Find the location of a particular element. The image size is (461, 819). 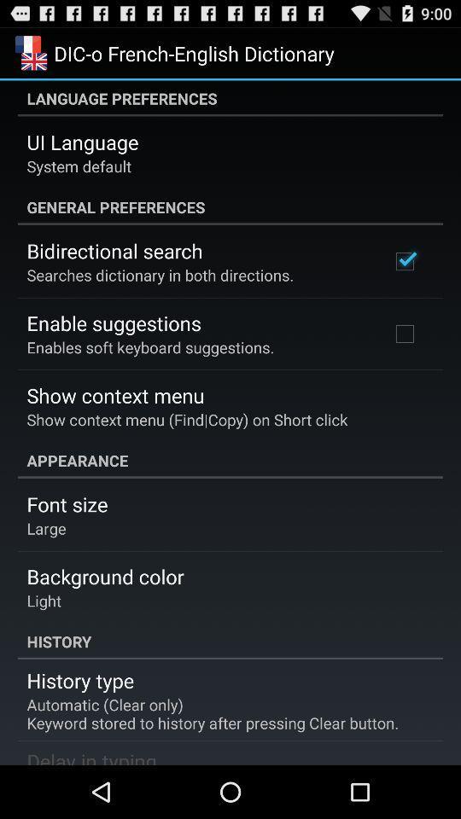

the app above searches dictionary in is located at coordinates (114, 250).